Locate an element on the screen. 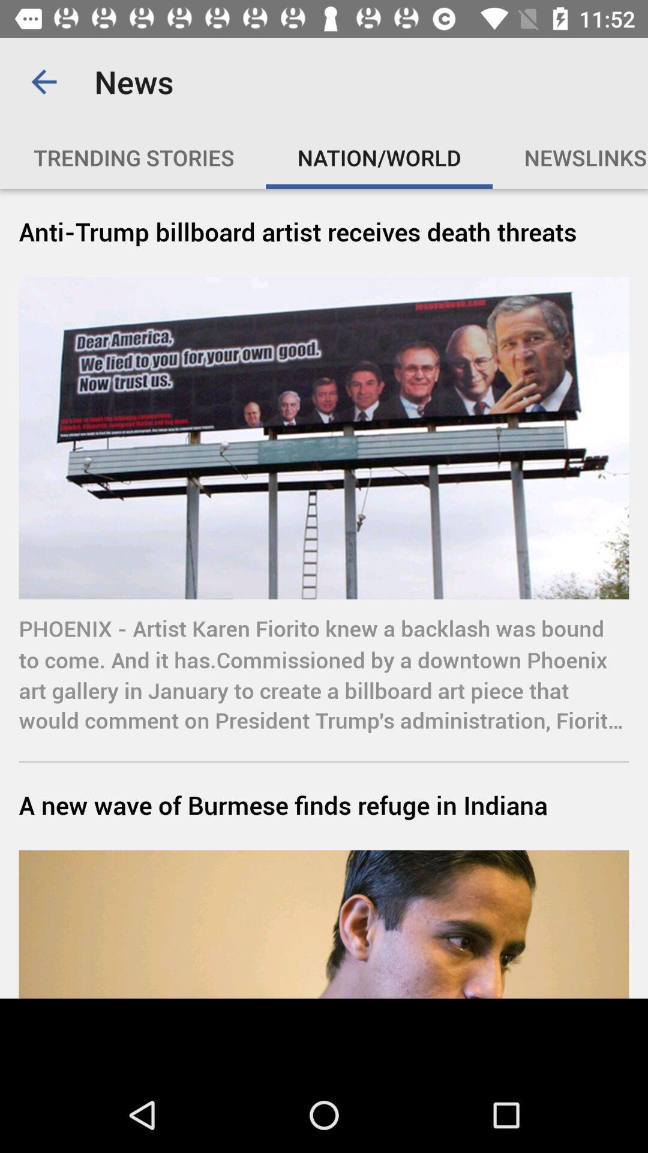 The width and height of the screenshot is (648, 1153). app to the left of the news icon is located at coordinates (43, 81).